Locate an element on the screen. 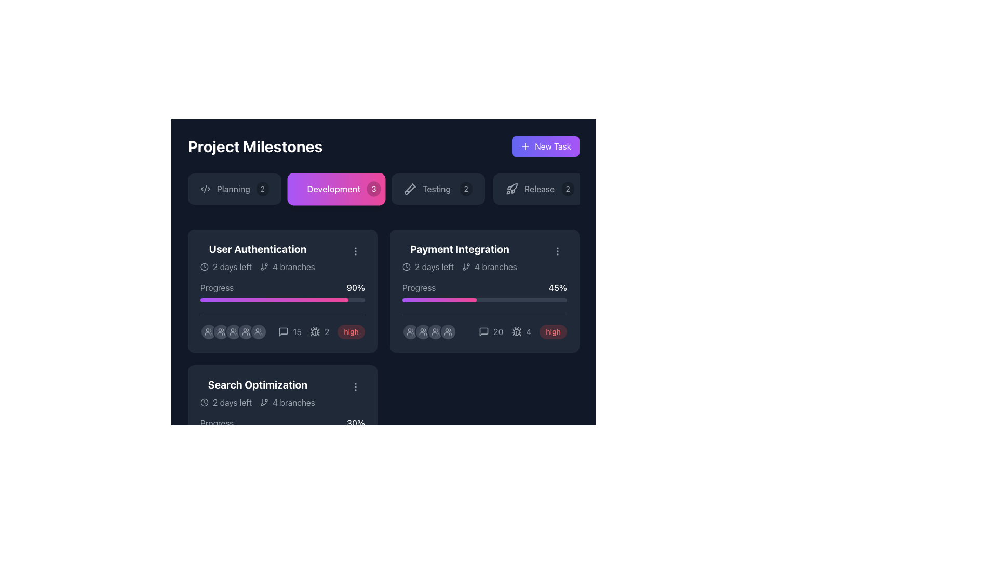  contents of the descriptive text component displaying '2 days left' and '4 branches' below the 'Search Optimization' heading is located at coordinates (258, 402).